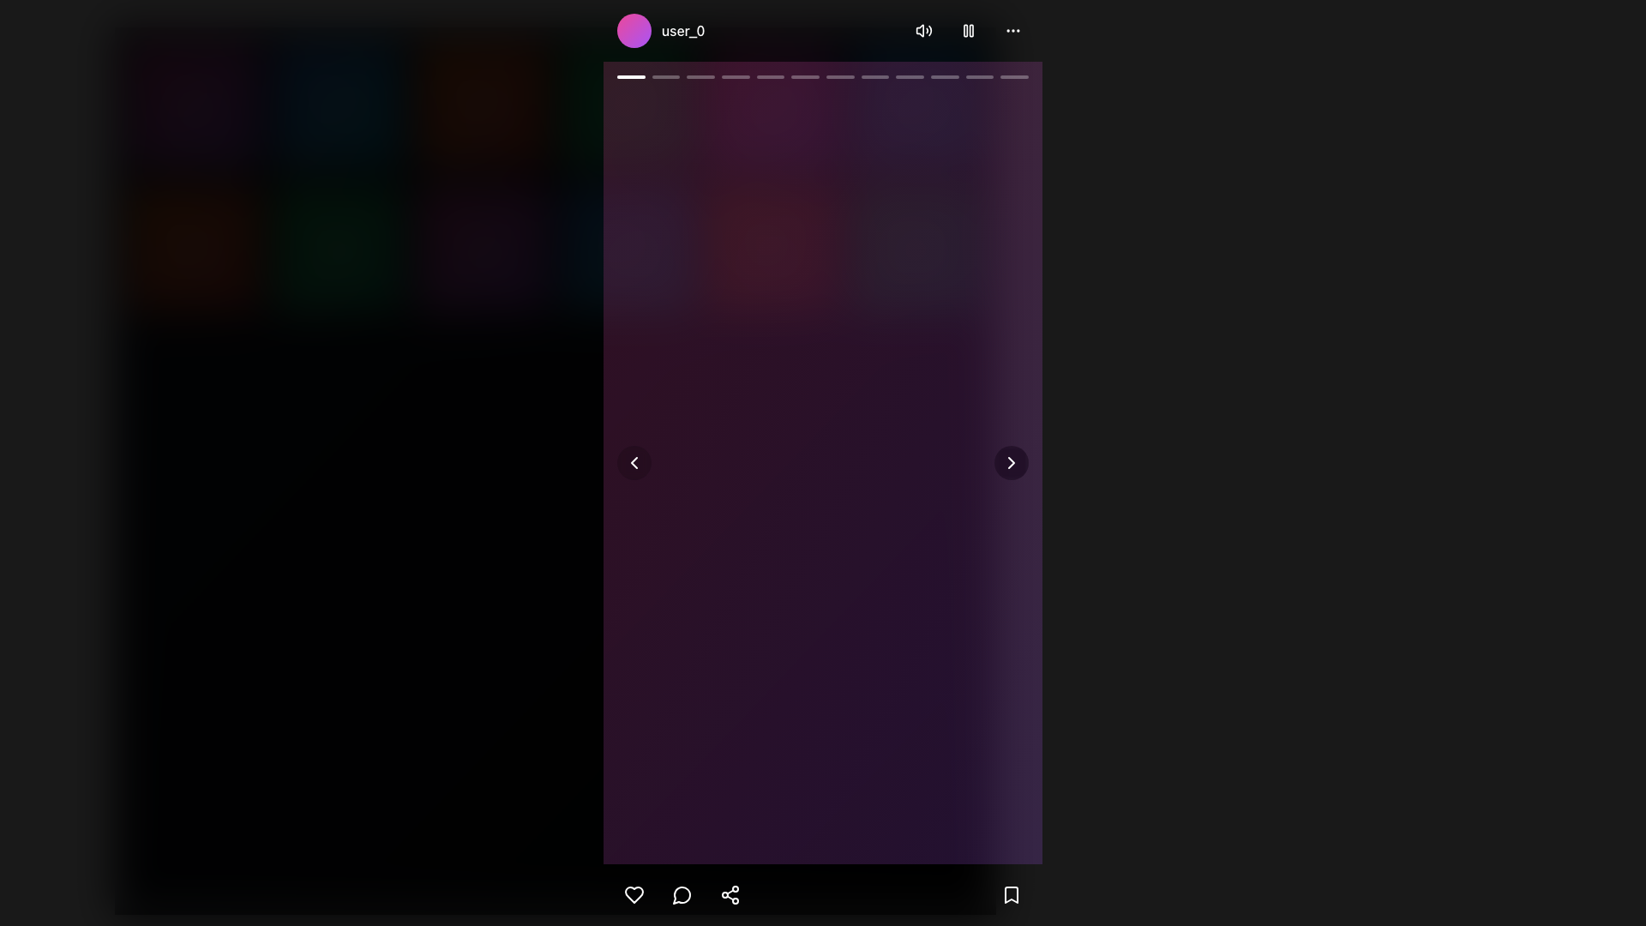 The width and height of the screenshot is (1646, 926). I want to click on the bookmark button located at the far right of the bottom navigation bar, so click(1012, 894).